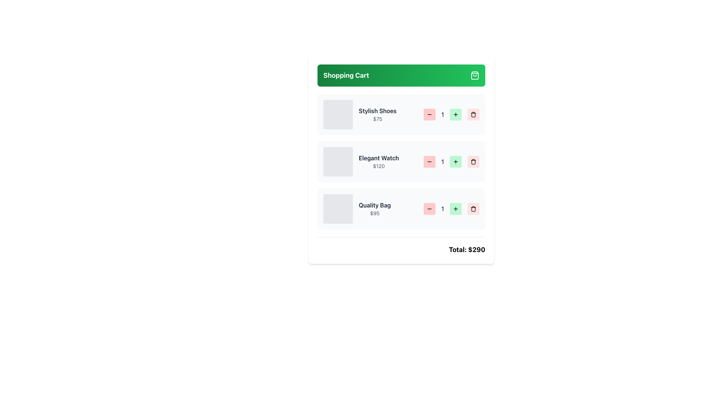 The height and width of the screenshot is (398, 708). What do you see at coordinates (337, 115) in the screenshot?
I see `the square-shaped image placeholder or product thumbnail with a light gray background located at the top-left corner of the 'Stylish Shoes $75' section` at bounding box center [337, 115].